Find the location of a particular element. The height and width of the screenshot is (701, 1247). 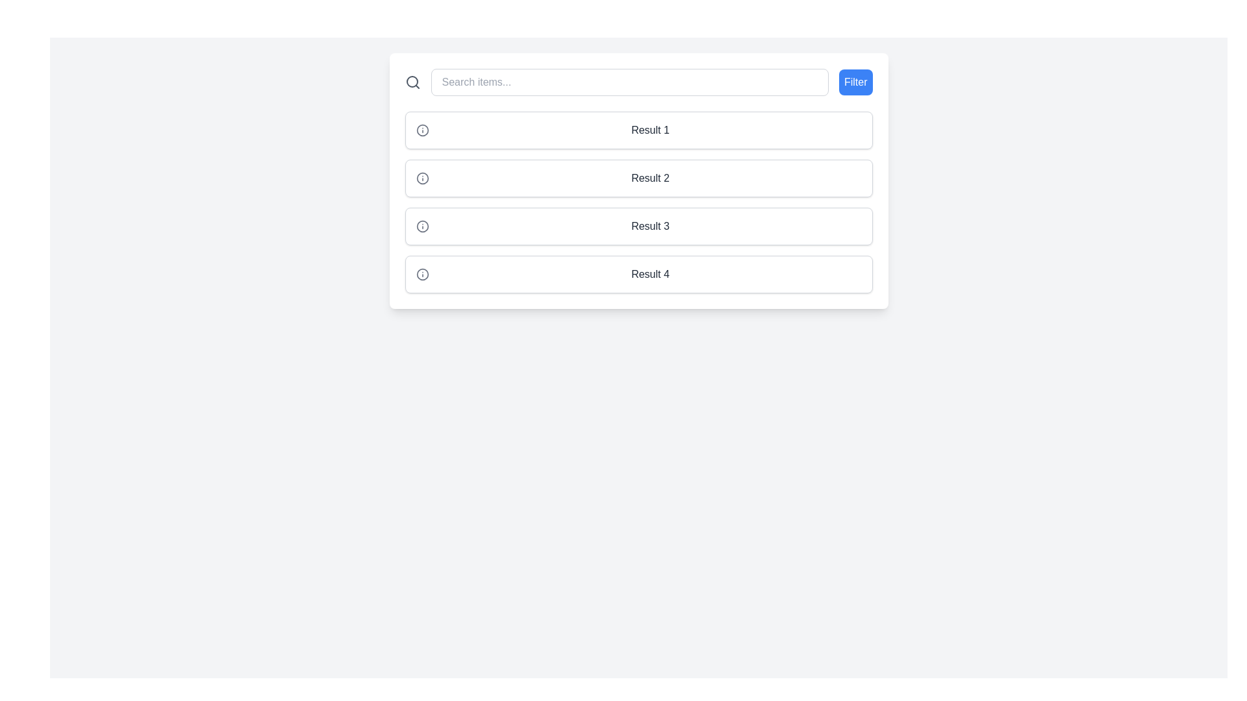

the first circular graphical shape (SVG component) that is part of an icon, styled in gray, located to the left of the fourth result item in a vertically stacked list is located at coordinates (422, 274).